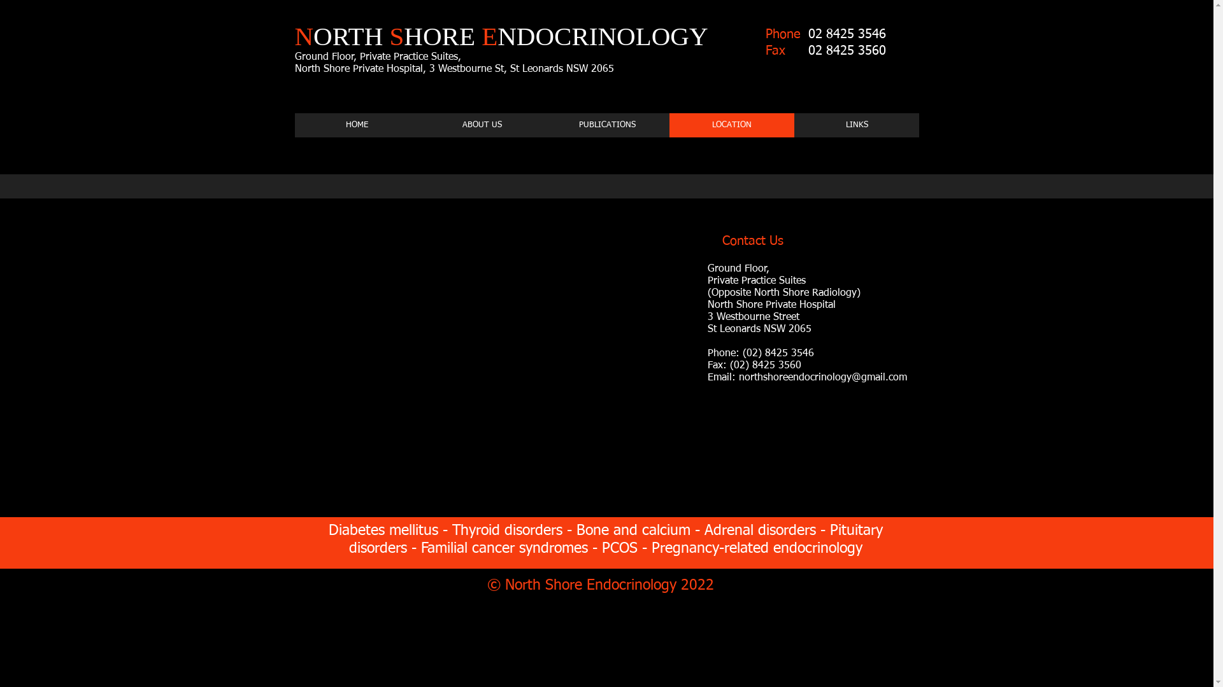 This screenshot has width=1223, height=687. Describe the element at coordinates (822, 377) in the screenshot. I see `'northshoreendocrinology@gmail.com'` at that location.